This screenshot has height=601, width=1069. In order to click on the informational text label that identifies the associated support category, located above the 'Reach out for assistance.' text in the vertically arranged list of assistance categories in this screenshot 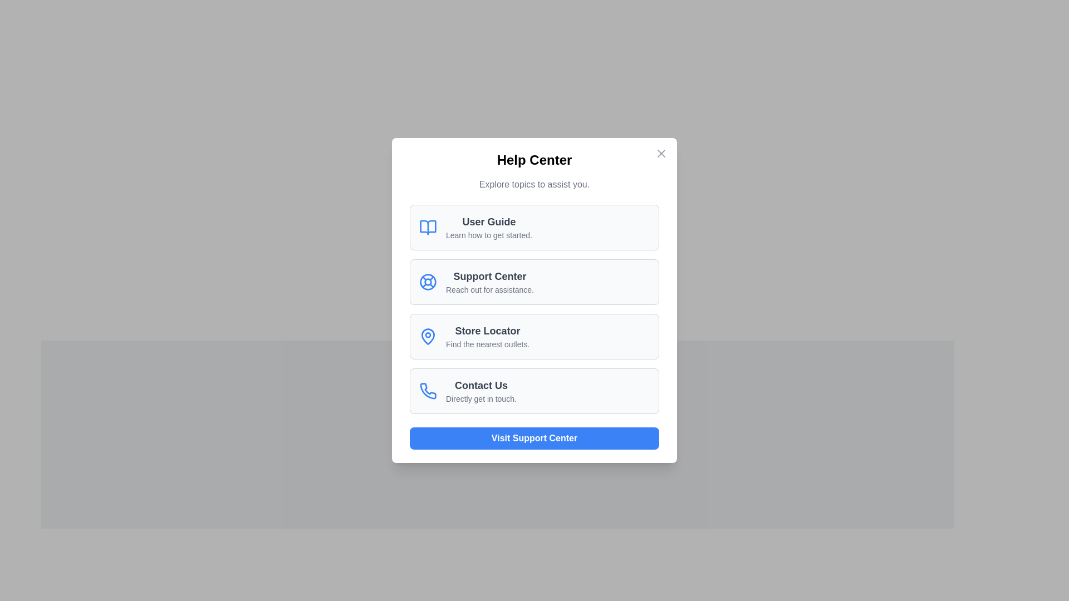, I will do `click(489, 276)`.